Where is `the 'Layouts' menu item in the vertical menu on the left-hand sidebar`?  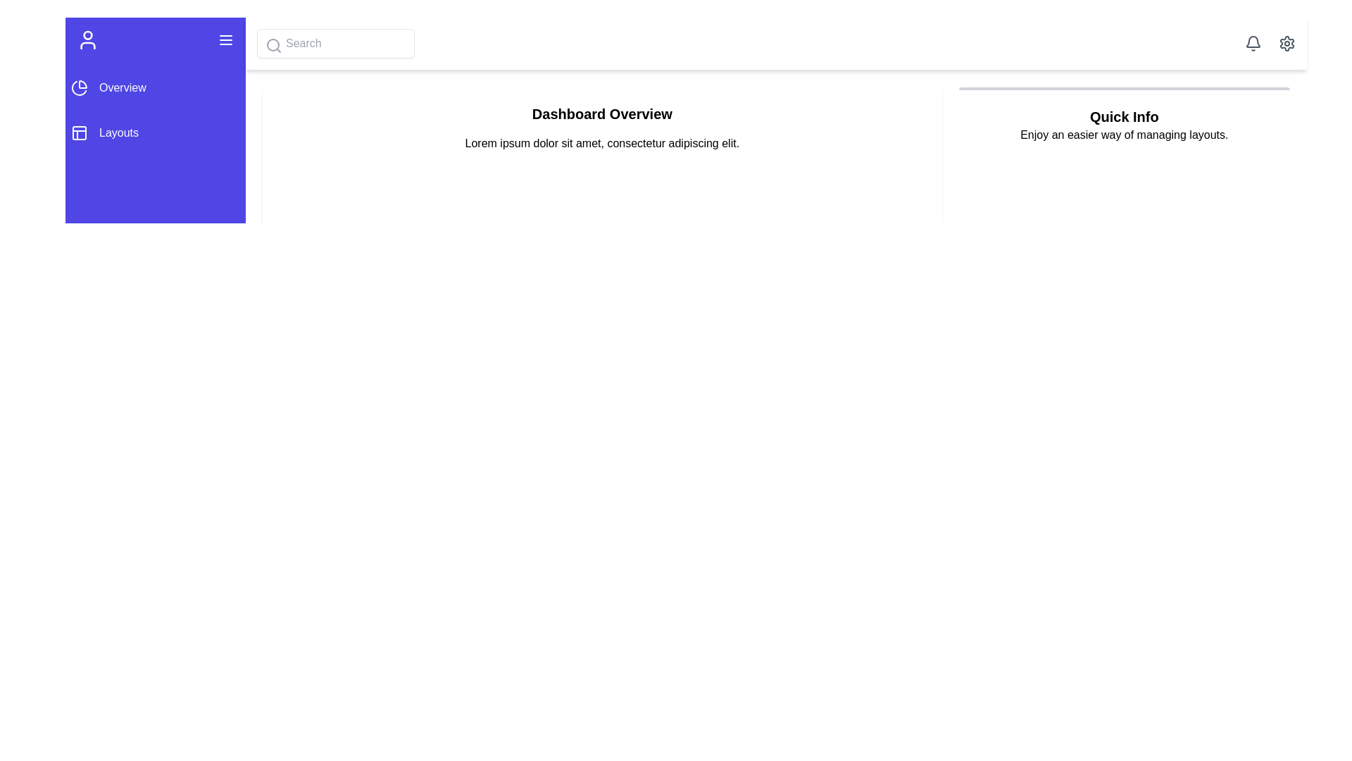 the 'Layouts' menu item in the vertical menu on the left-hand sidebar is located at coordinates (155, 133).